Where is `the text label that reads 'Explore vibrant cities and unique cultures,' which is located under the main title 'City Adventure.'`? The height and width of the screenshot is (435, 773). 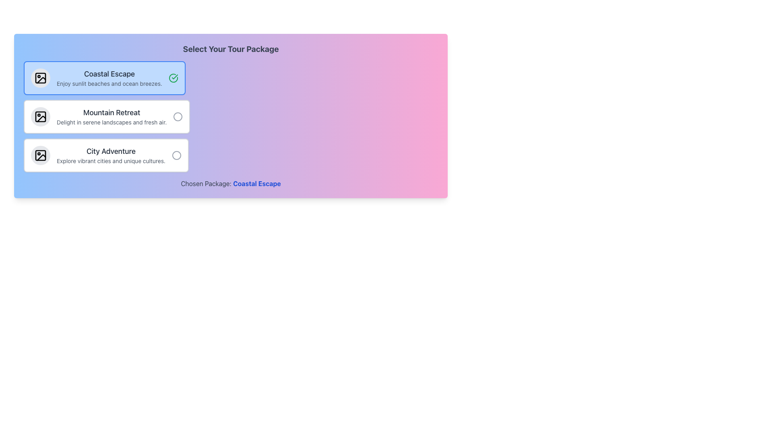 the text label that reads 'Explore vibrant cities and unique cultures,' which is located under the main title 'City Adventure.' is located at coordinates (110, 161).